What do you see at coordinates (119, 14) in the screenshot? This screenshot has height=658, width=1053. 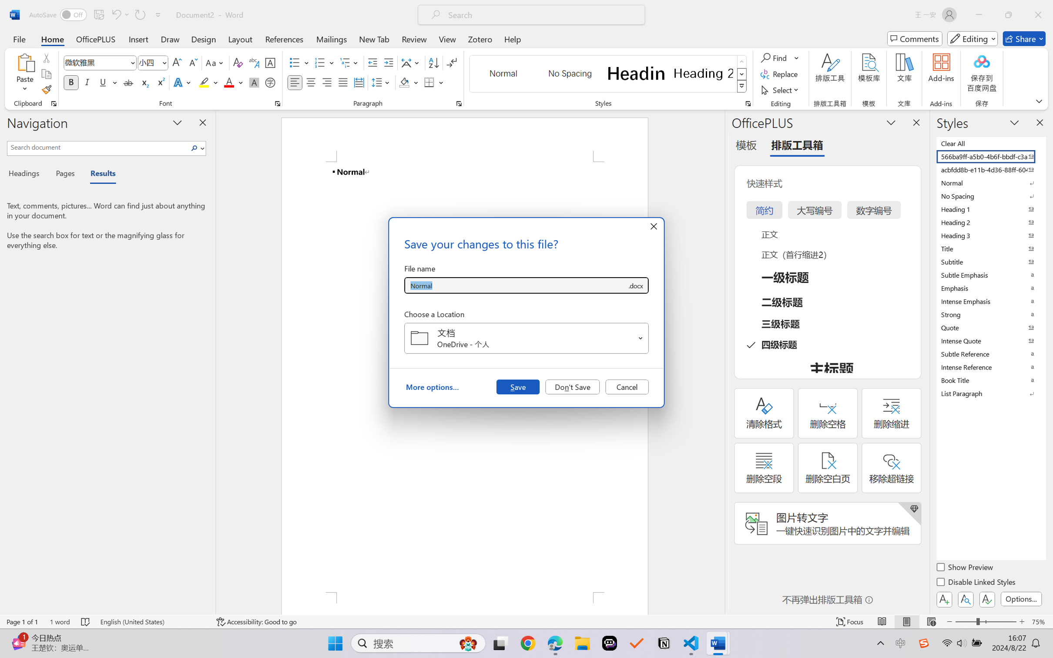 I see `'Undo Text Fill Effect'` at bounding box center [119, 14].